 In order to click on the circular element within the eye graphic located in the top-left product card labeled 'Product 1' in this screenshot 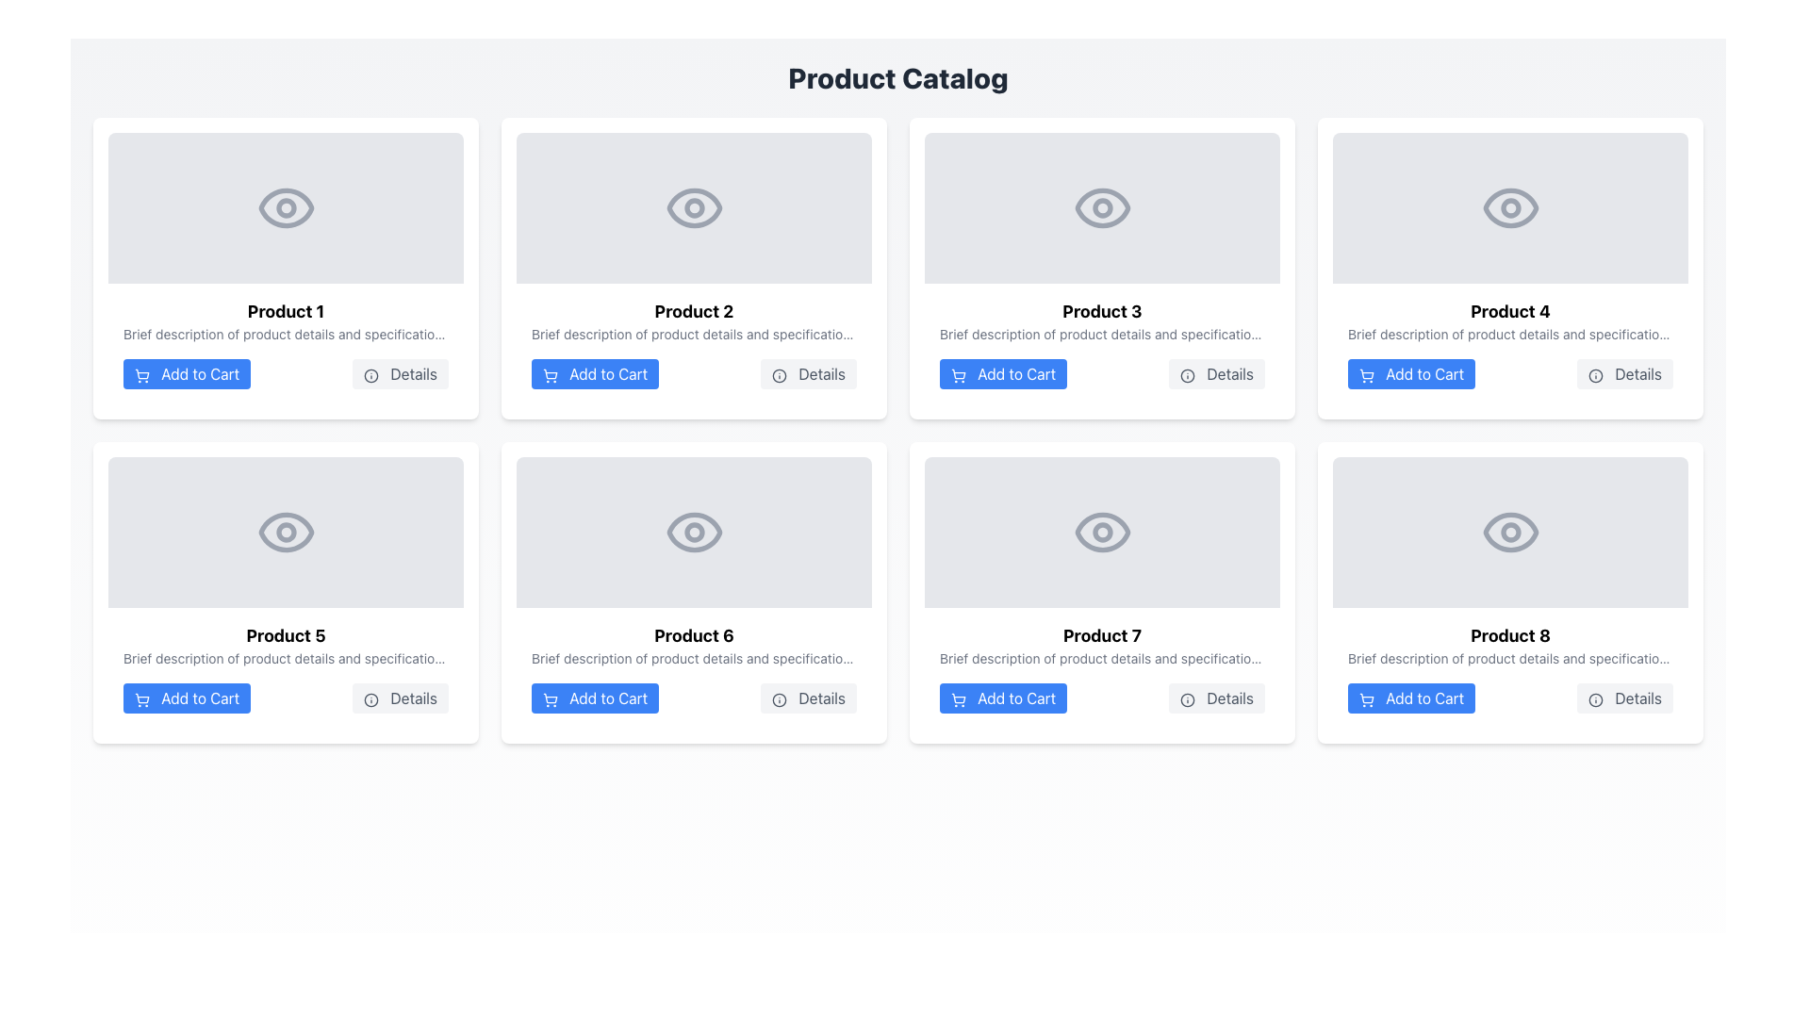, I will do `click(285, 207)`.